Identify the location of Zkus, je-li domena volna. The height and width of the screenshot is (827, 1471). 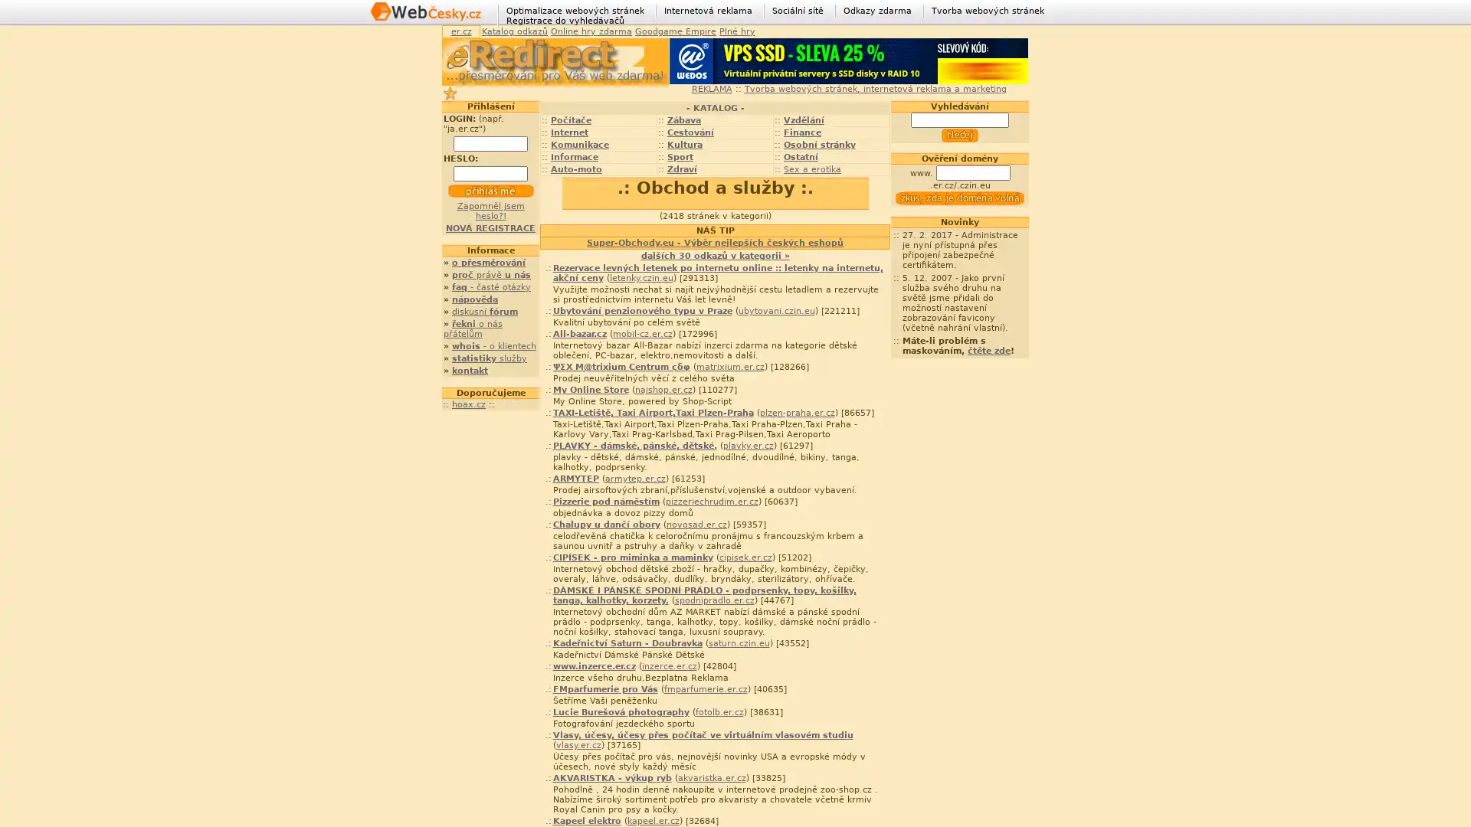
(958, 197).